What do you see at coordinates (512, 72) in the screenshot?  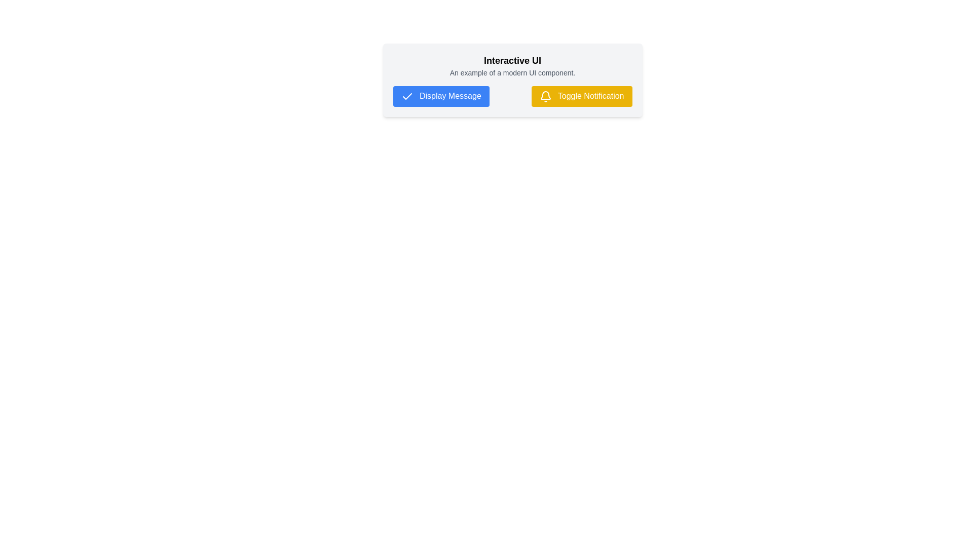 I see `the text block displaying 'An example of a modern UI component.' which is located under the header 'Interactive UI' within a white card-like section` at bounding box center [512, 72].